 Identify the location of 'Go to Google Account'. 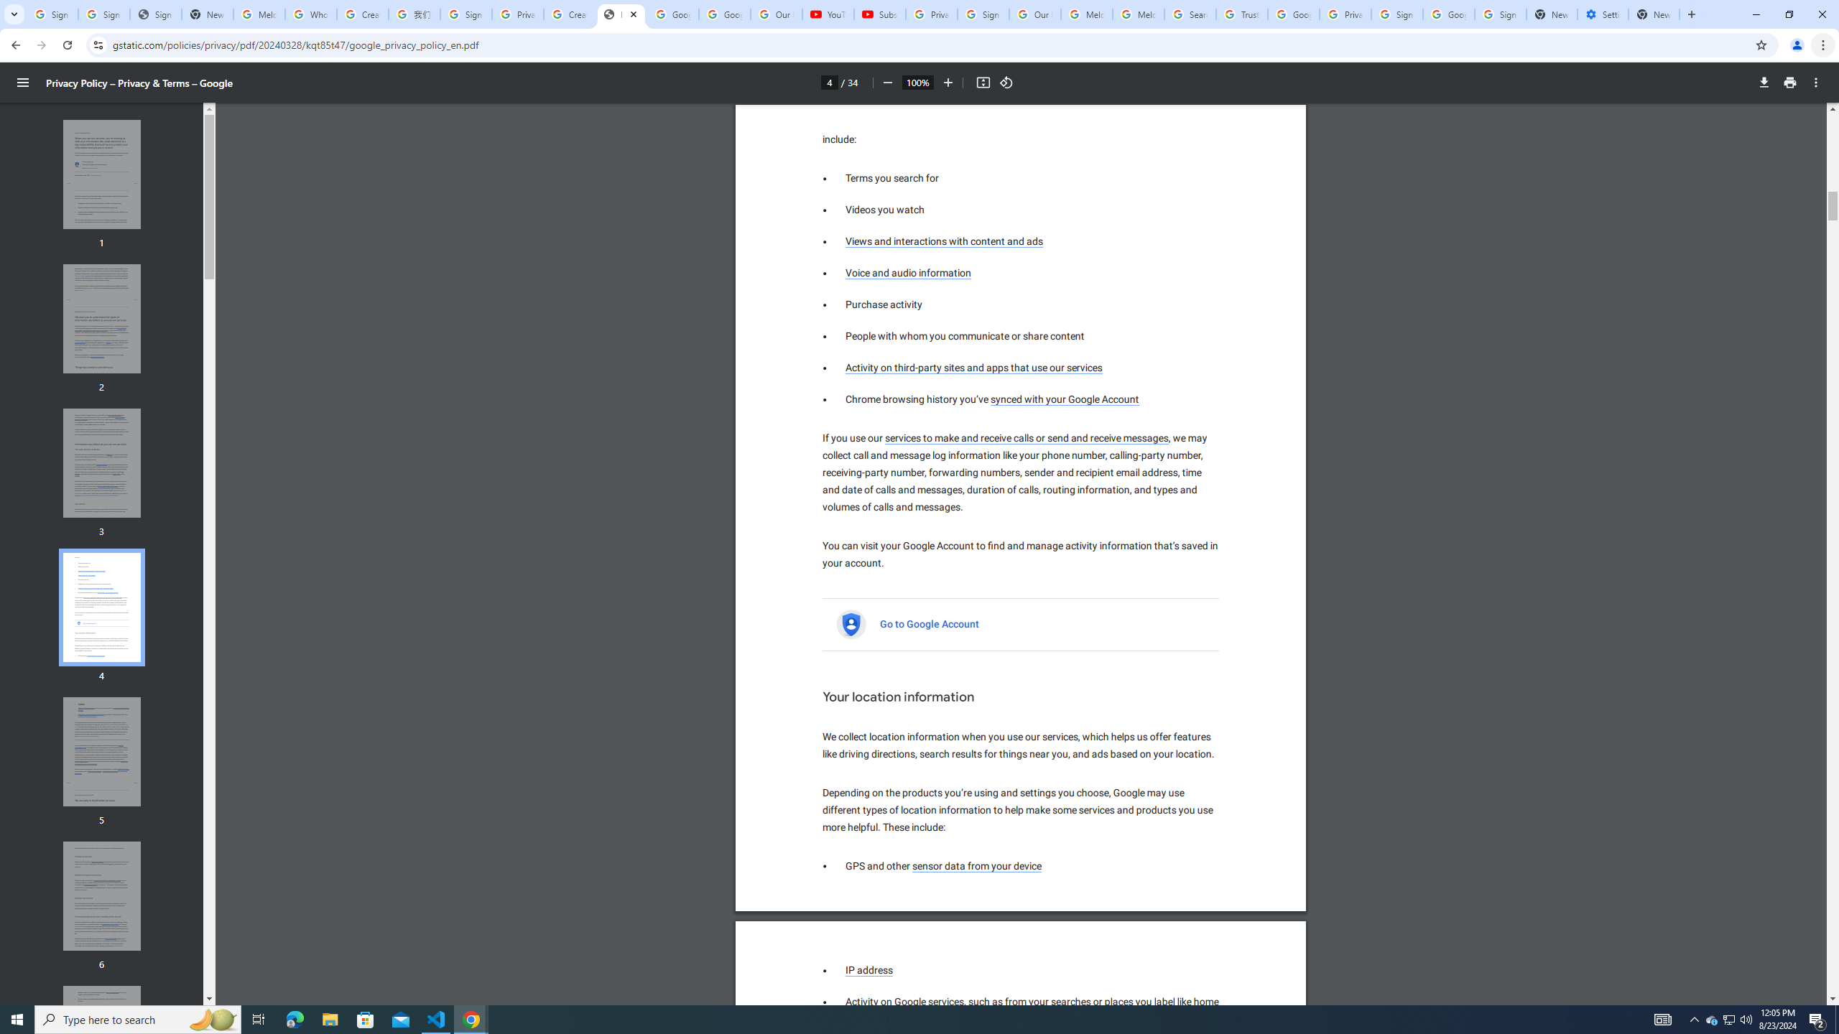
(930, 624).